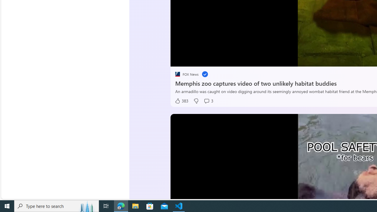 The image size is (377, 212). I want to click on 'Seek Back', so click(191, 60).